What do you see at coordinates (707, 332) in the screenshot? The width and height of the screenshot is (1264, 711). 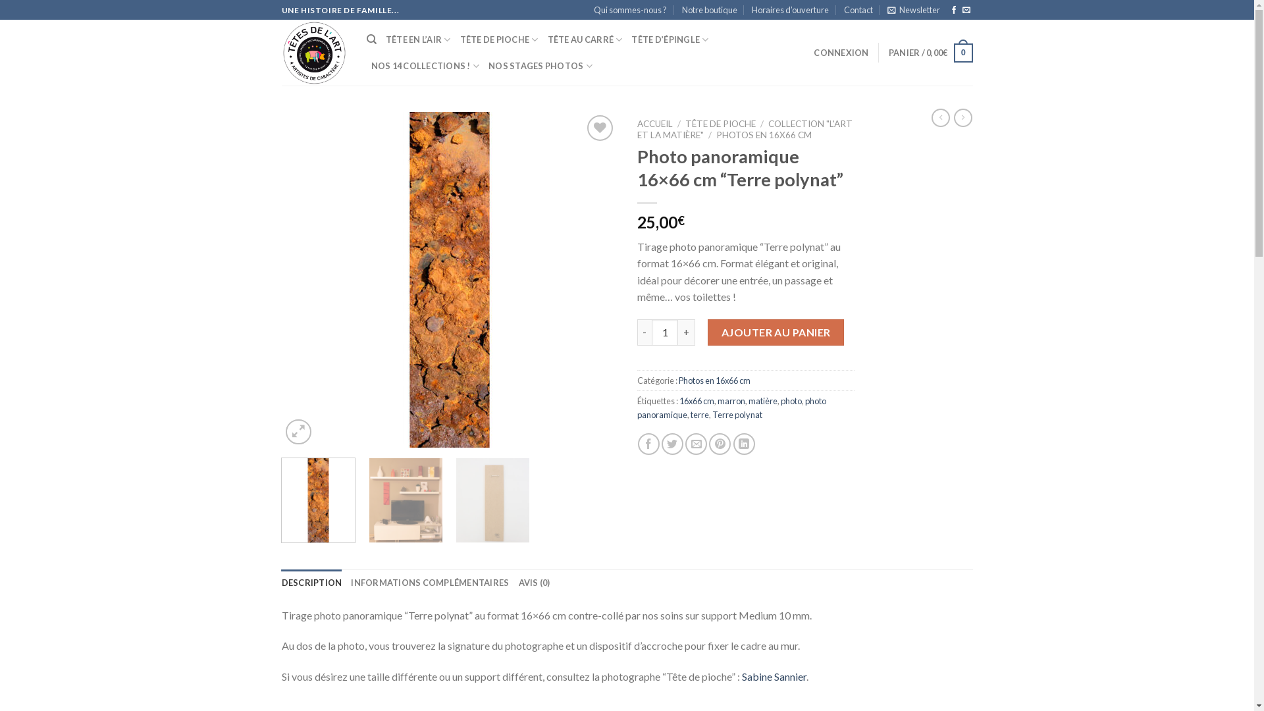 I see `'AJOUTER AU PANIER'` at bounding box center [707, 332].